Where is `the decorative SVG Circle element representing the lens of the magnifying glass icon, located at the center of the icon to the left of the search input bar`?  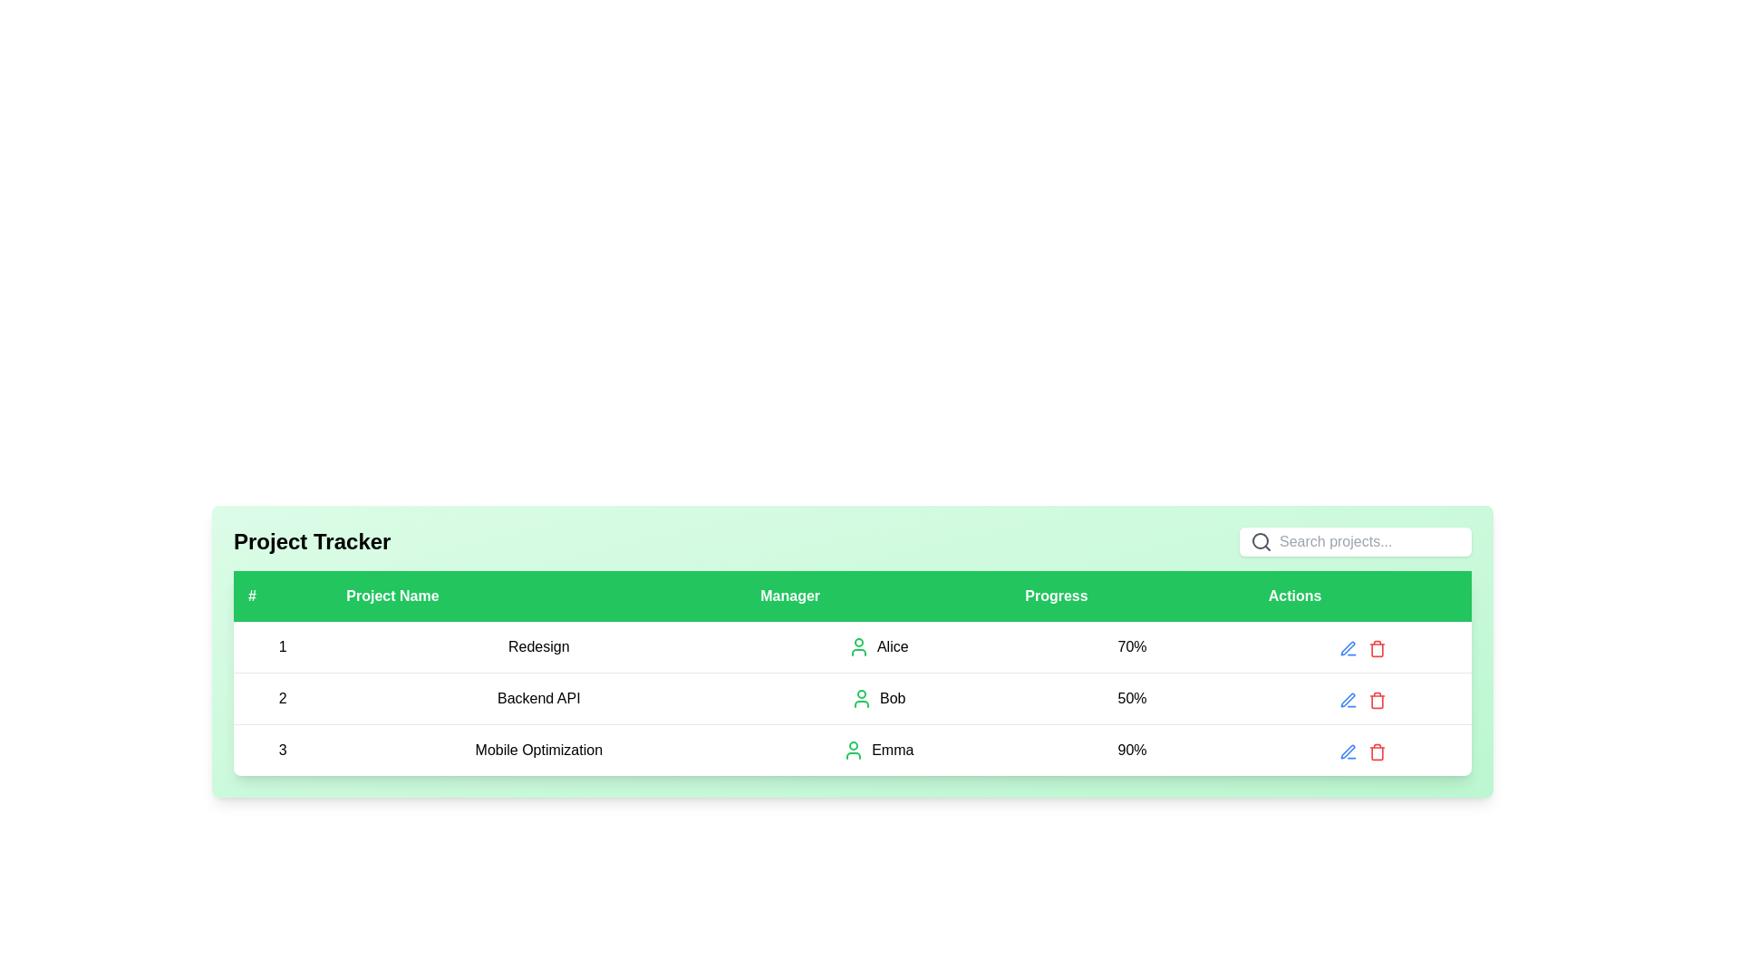 the decorative SVG Circle element representing the lens of the magnifying glass icon, located at the center of the icon to the left of the search input bar is located at coordinates (1260, 540).